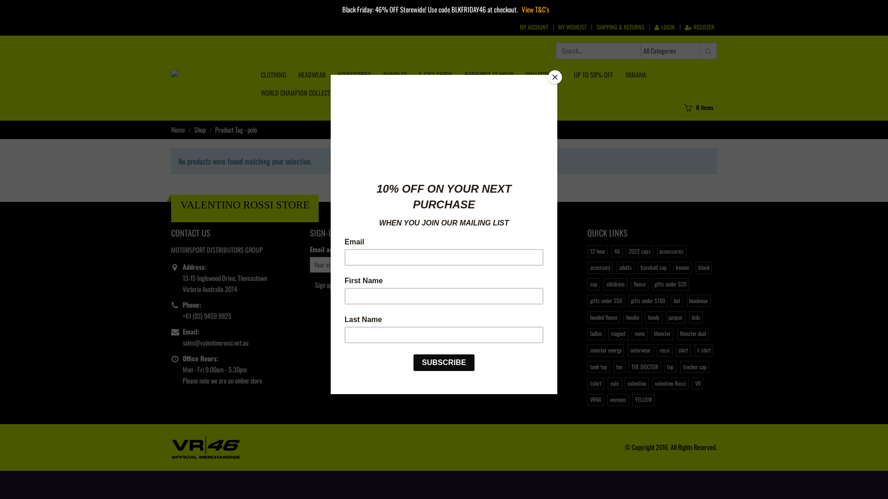  What do you see at coordinates (699, 26) in the screenshot?
I see `'REGISTER'` at bounding box center [699, 26].